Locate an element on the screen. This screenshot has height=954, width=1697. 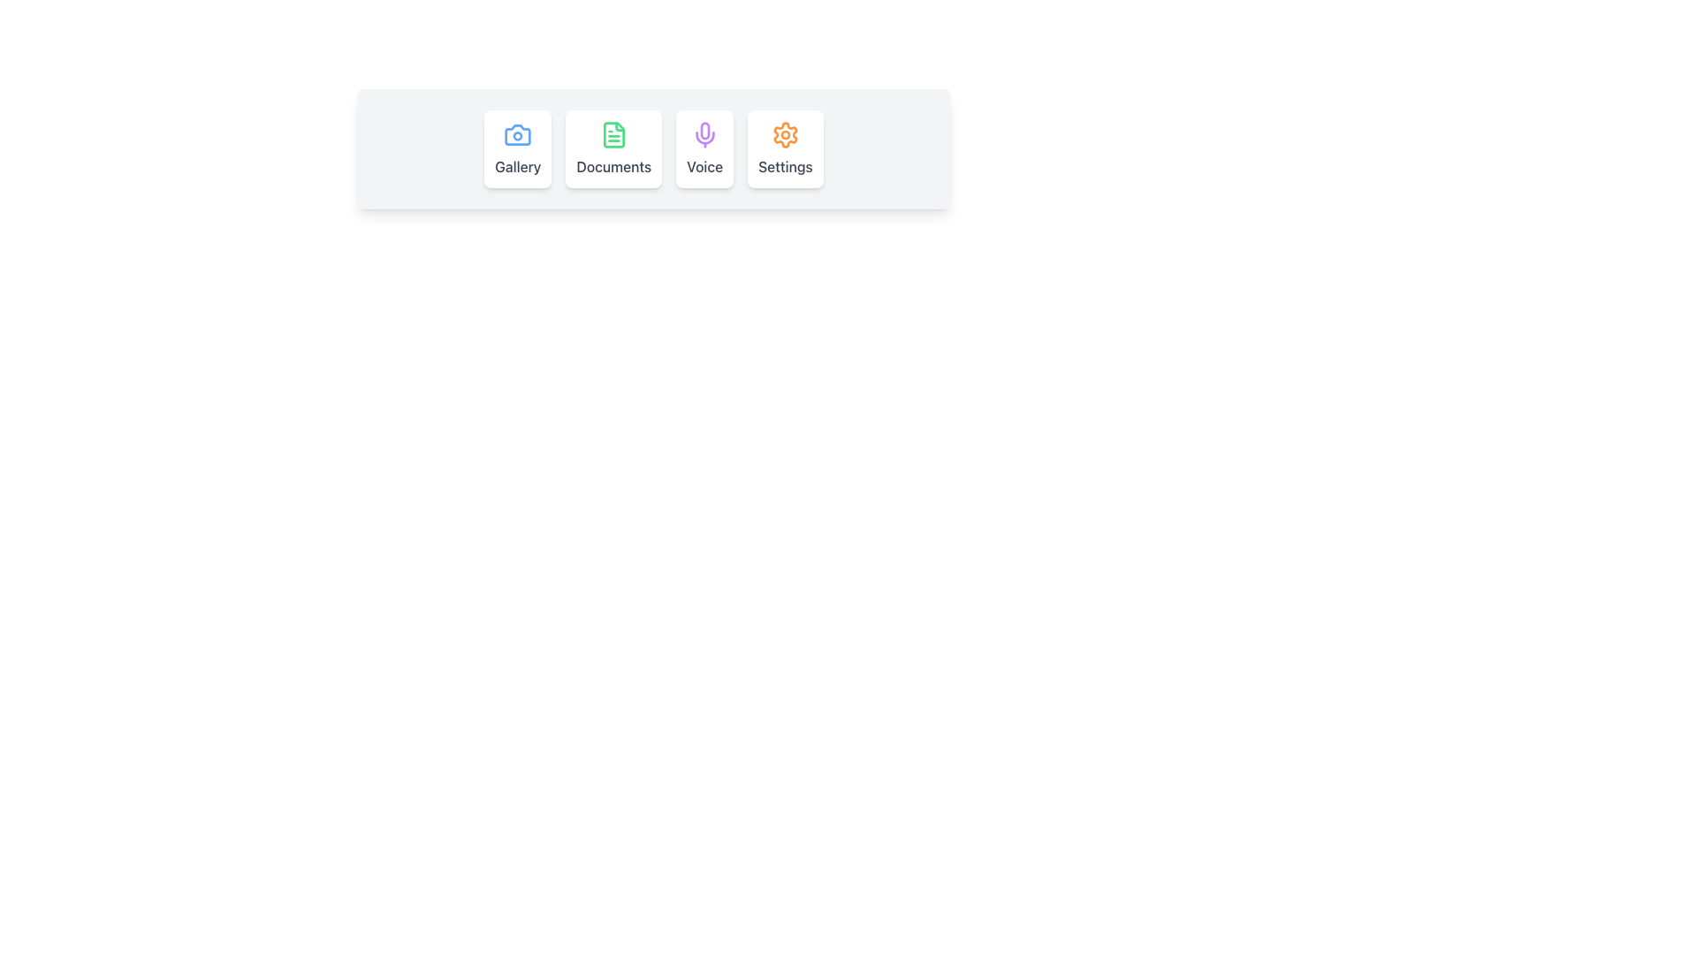
the state of the 'Documents' icon, which is the topmost component in the 'Documents' section, guiding users towards document-related features is located at coordinates (613, 134).